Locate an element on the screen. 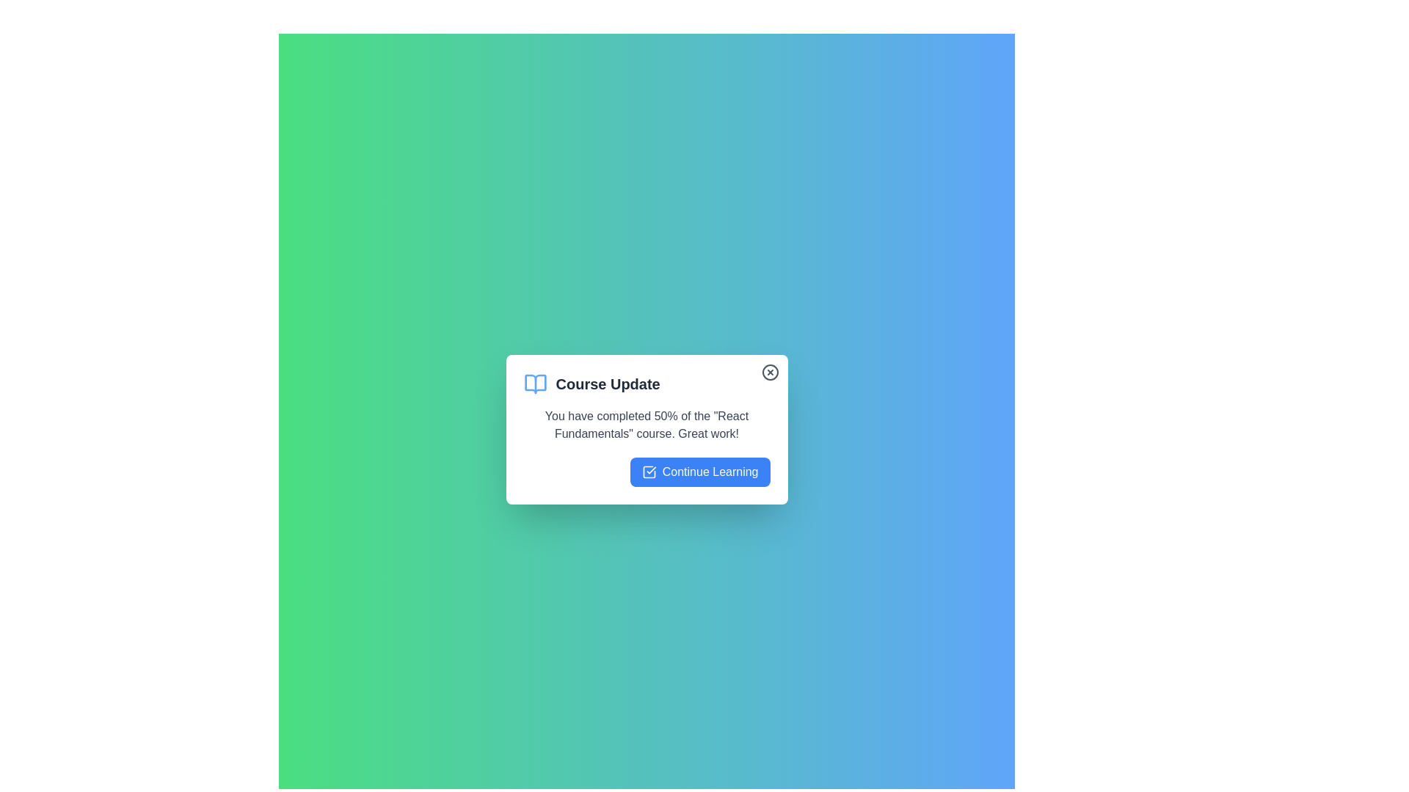 Image resolution: width=1409 pixels, height=792 pixels. text from the topmost text header within the white notification card, which serves as the title indicating the subject or purpose of the notification is located at coordinates (646, 384).